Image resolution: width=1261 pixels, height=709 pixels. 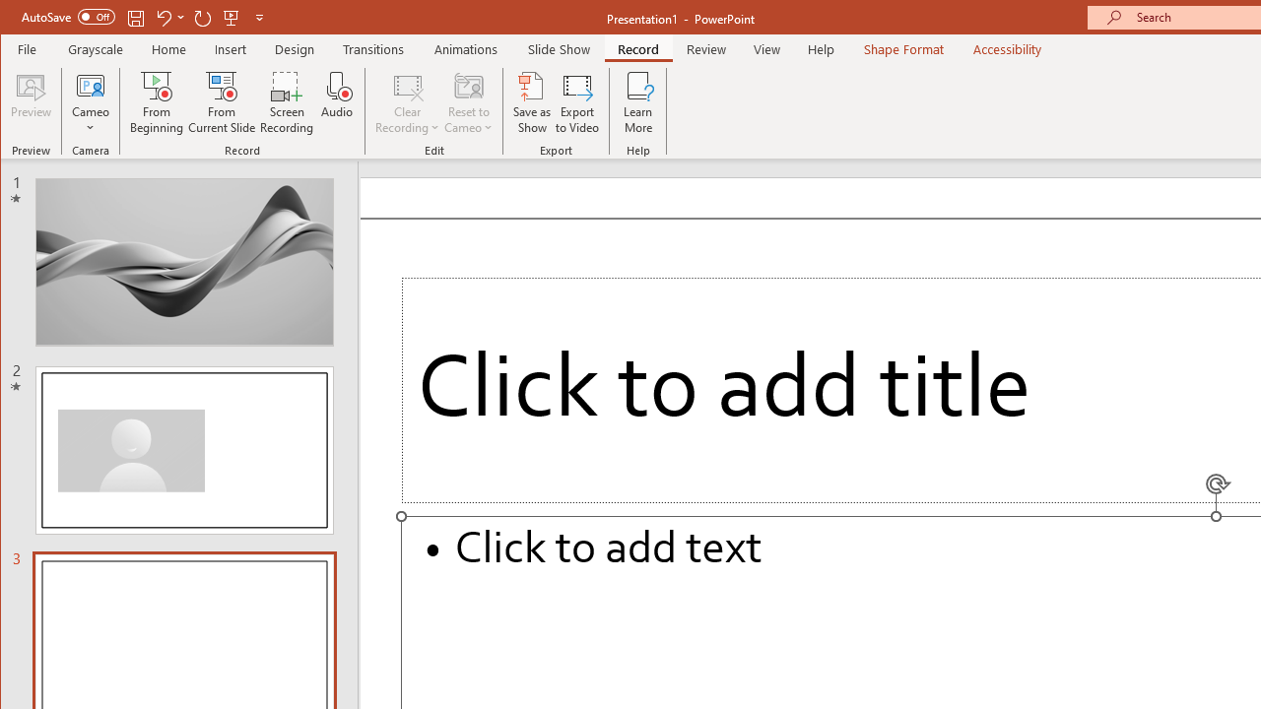 I want to click on 'Insert', so click(x=231, y=48).